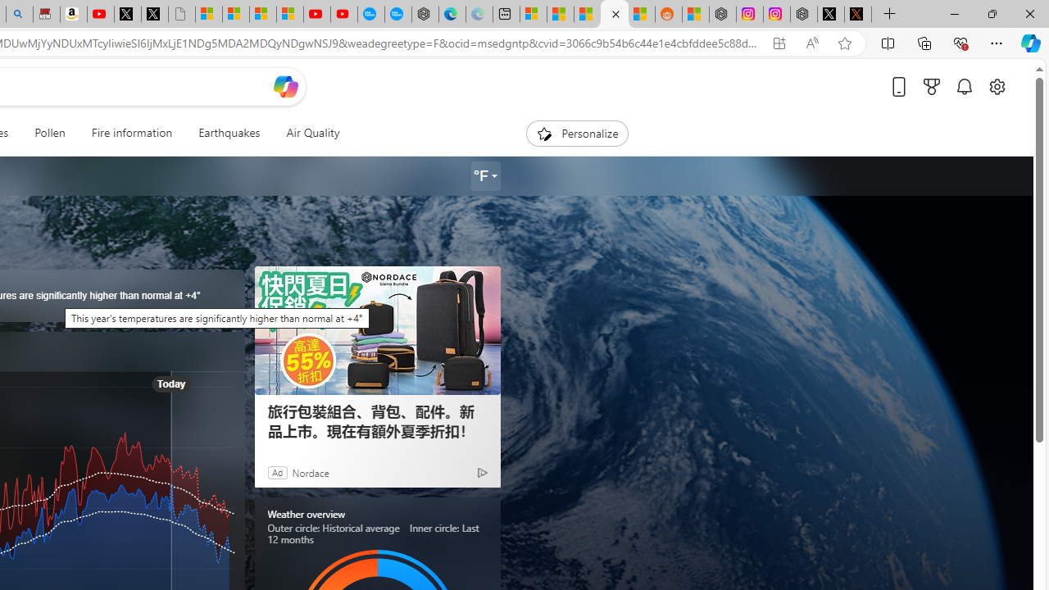  Describe the element at coordinates (285, 86) in the screenshot. I see `'Open Copilot'` at that location.